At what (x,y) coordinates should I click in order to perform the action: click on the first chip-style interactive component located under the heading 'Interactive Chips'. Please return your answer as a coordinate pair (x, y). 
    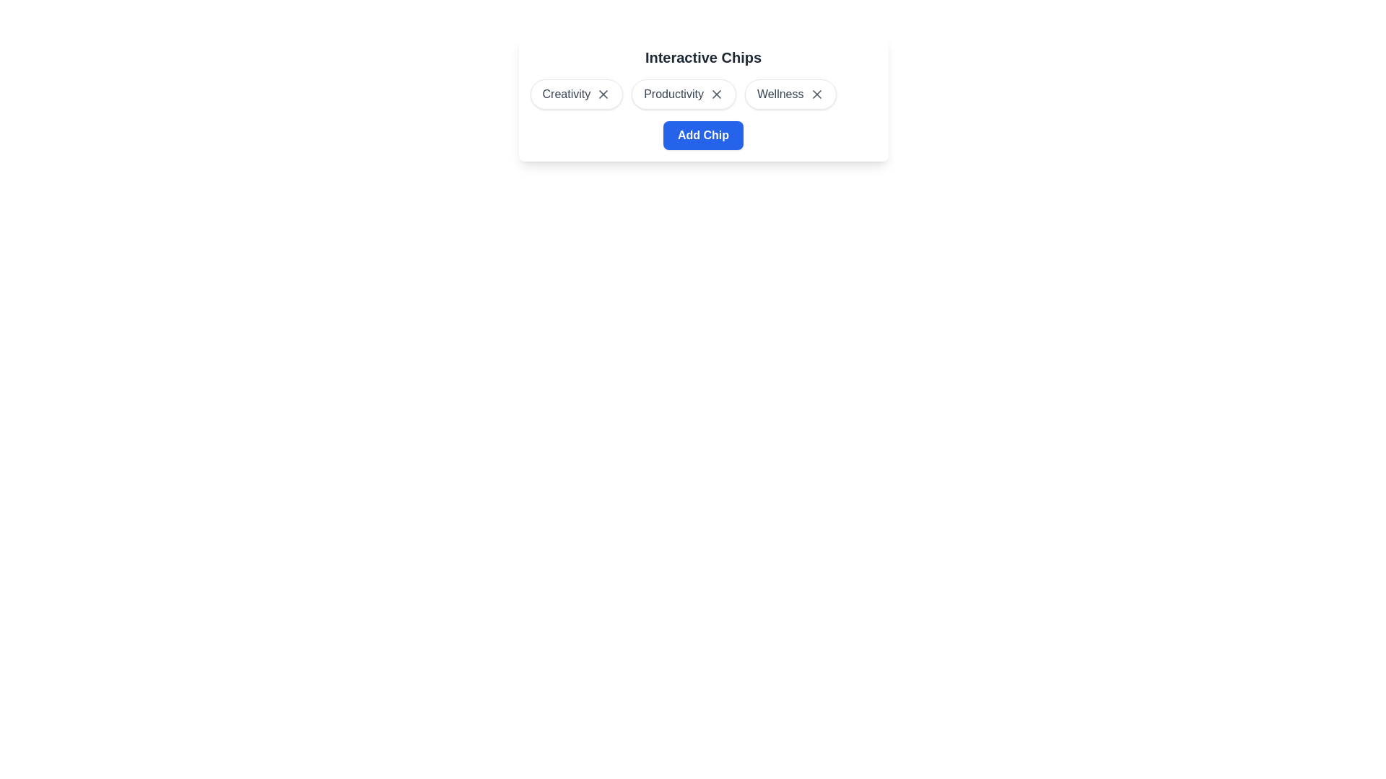
    Looking at the image, I should click on (575, 94).